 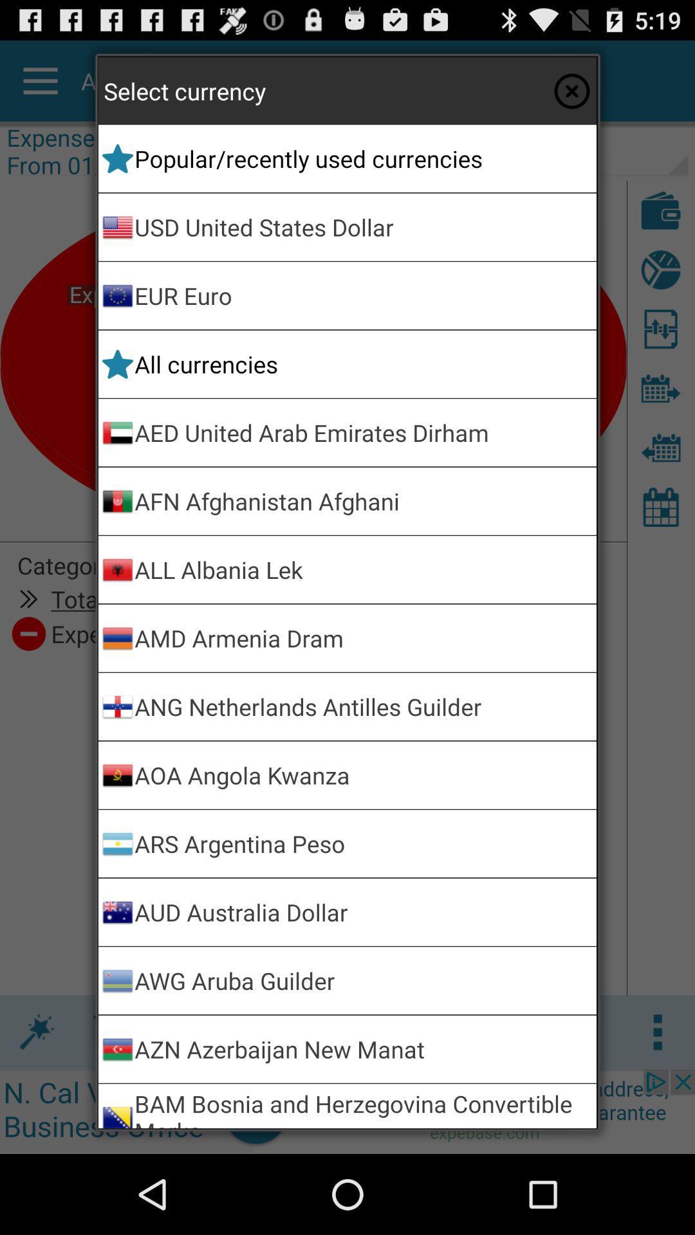 I want to click on eur euro, so click(x=363, y=295).